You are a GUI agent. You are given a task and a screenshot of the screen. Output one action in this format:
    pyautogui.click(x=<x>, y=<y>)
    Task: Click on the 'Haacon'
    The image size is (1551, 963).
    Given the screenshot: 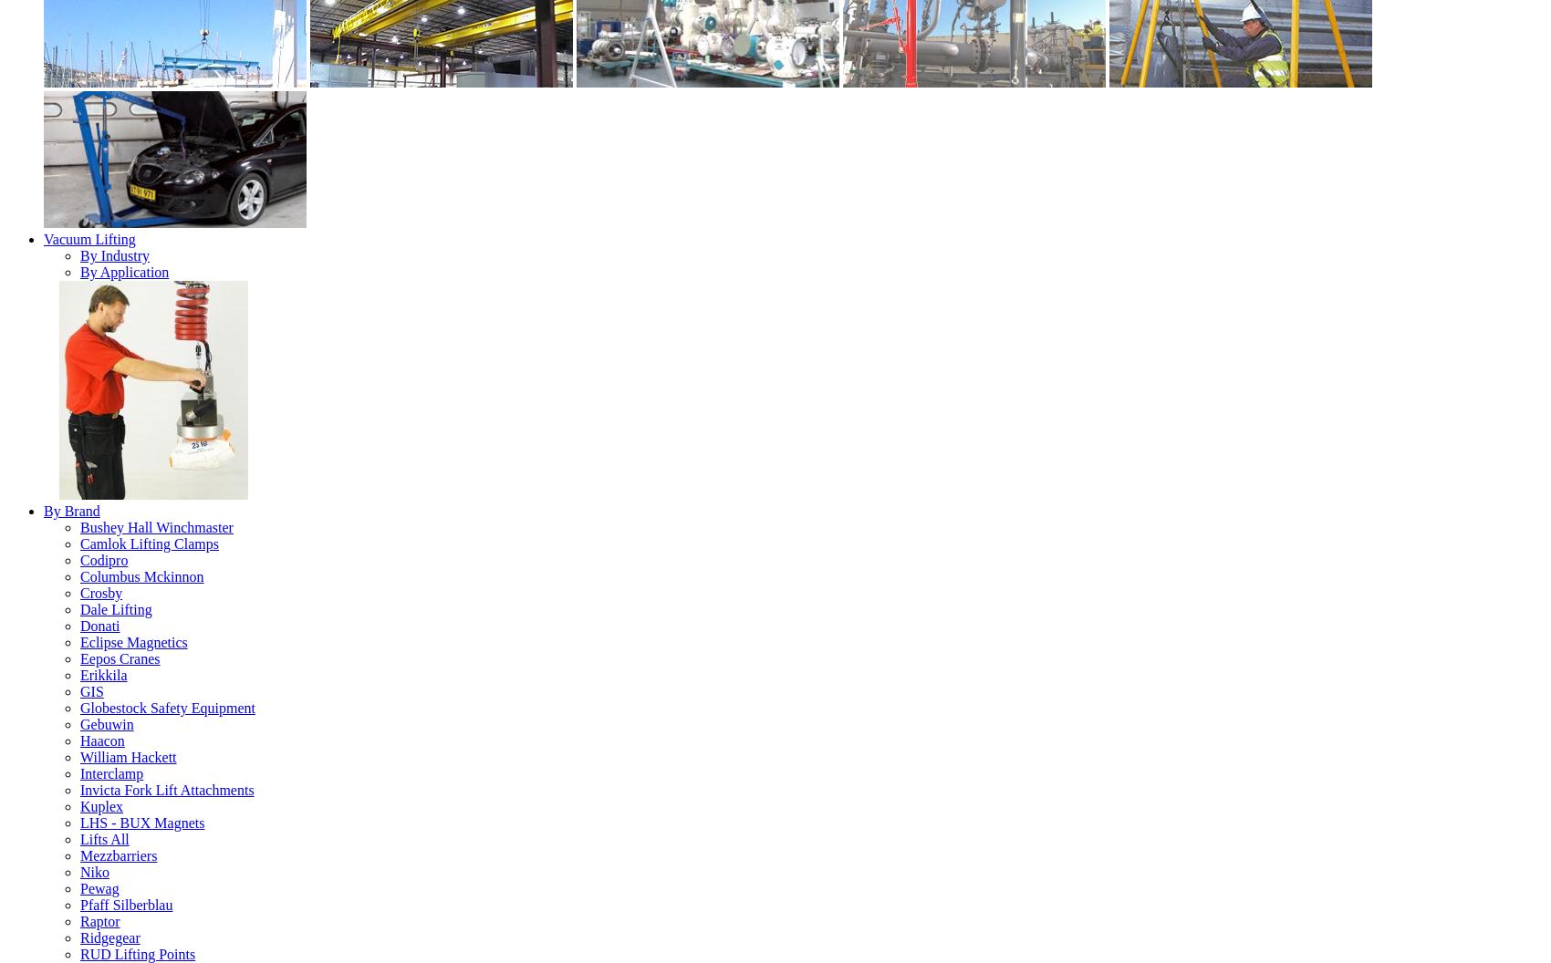 What is the action you would take?
    pyautogui.click(x=101, y=740)
    